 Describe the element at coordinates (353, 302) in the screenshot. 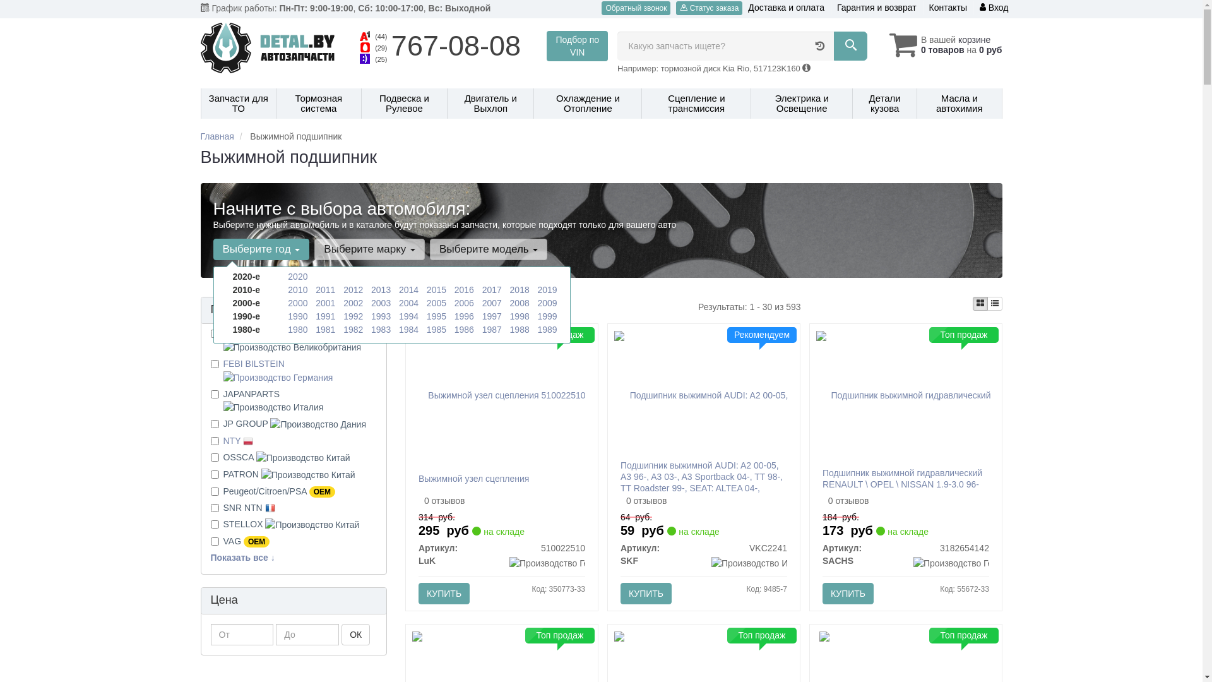

I see `'2002'` at that location.